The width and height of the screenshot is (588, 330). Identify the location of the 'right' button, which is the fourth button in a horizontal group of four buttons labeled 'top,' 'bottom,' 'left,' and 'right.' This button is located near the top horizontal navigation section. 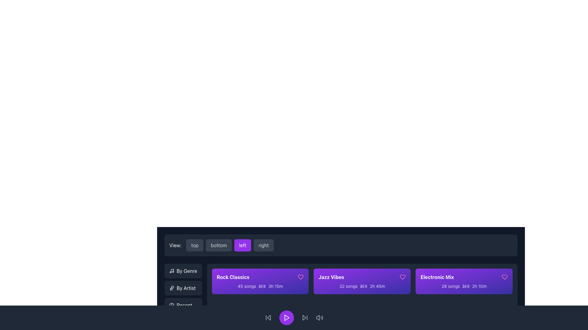
(263, 245).